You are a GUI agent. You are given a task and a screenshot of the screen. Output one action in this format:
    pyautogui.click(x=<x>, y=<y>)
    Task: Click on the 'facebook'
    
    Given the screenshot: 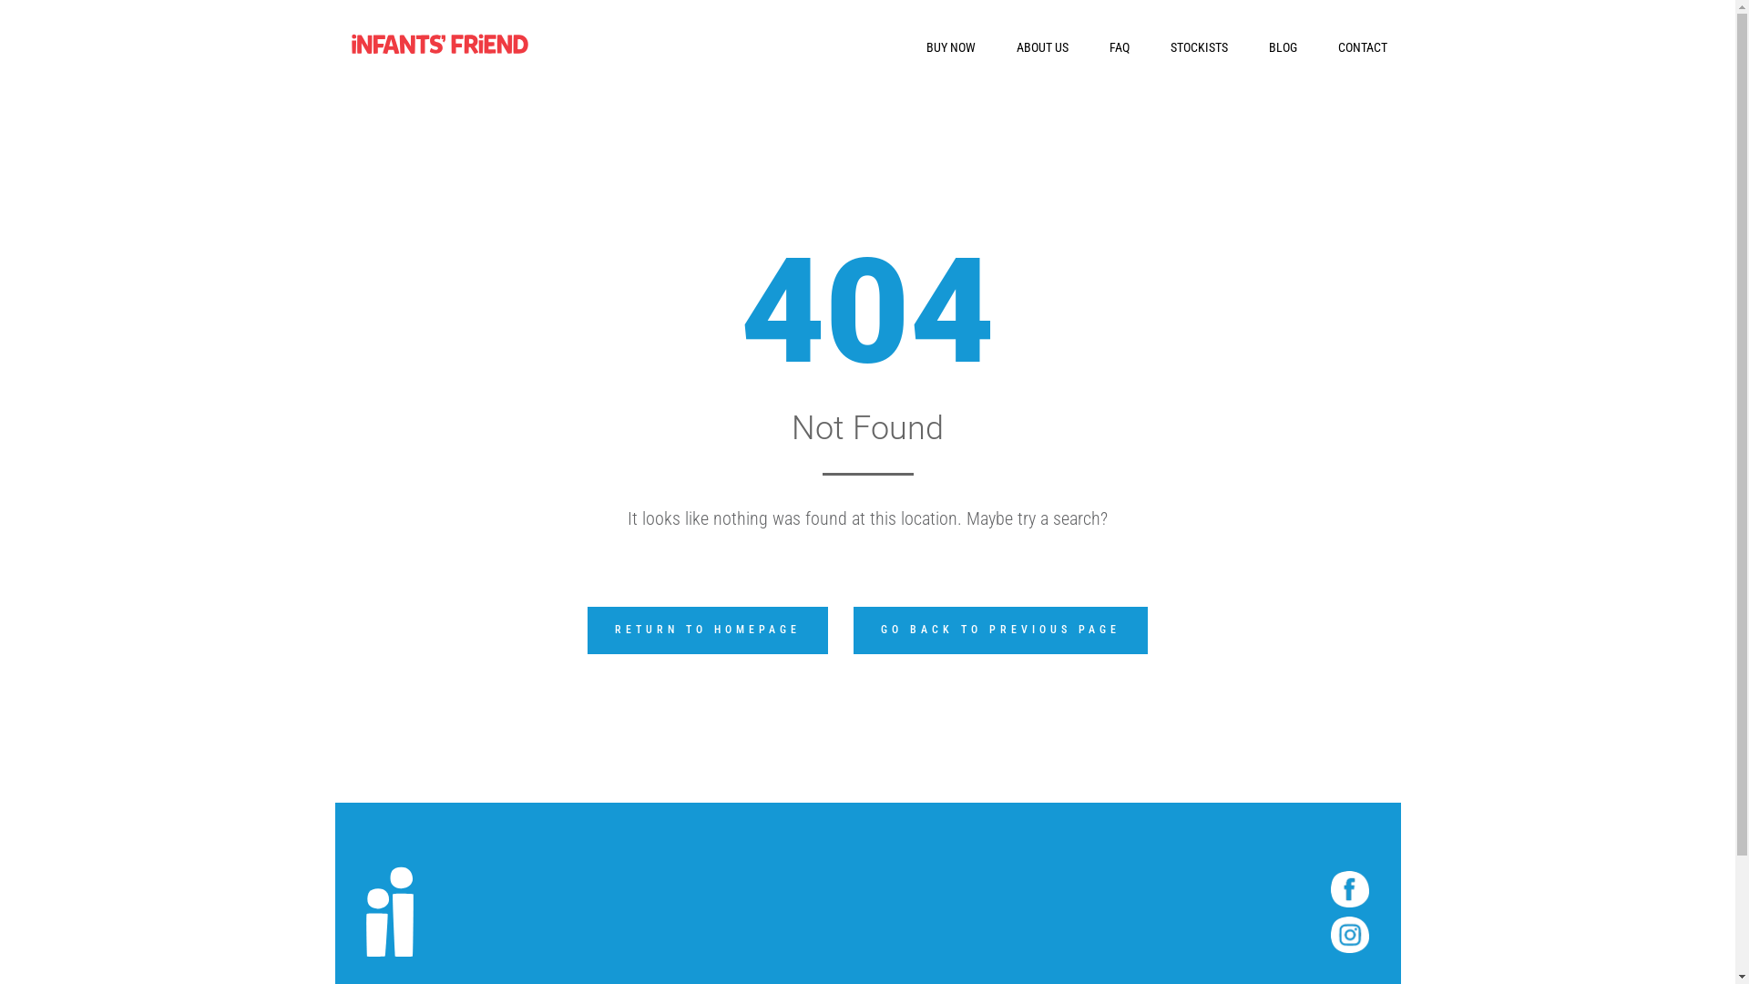 What is the action you would take?
    pyautogui.click(x=1349, y=887)
    